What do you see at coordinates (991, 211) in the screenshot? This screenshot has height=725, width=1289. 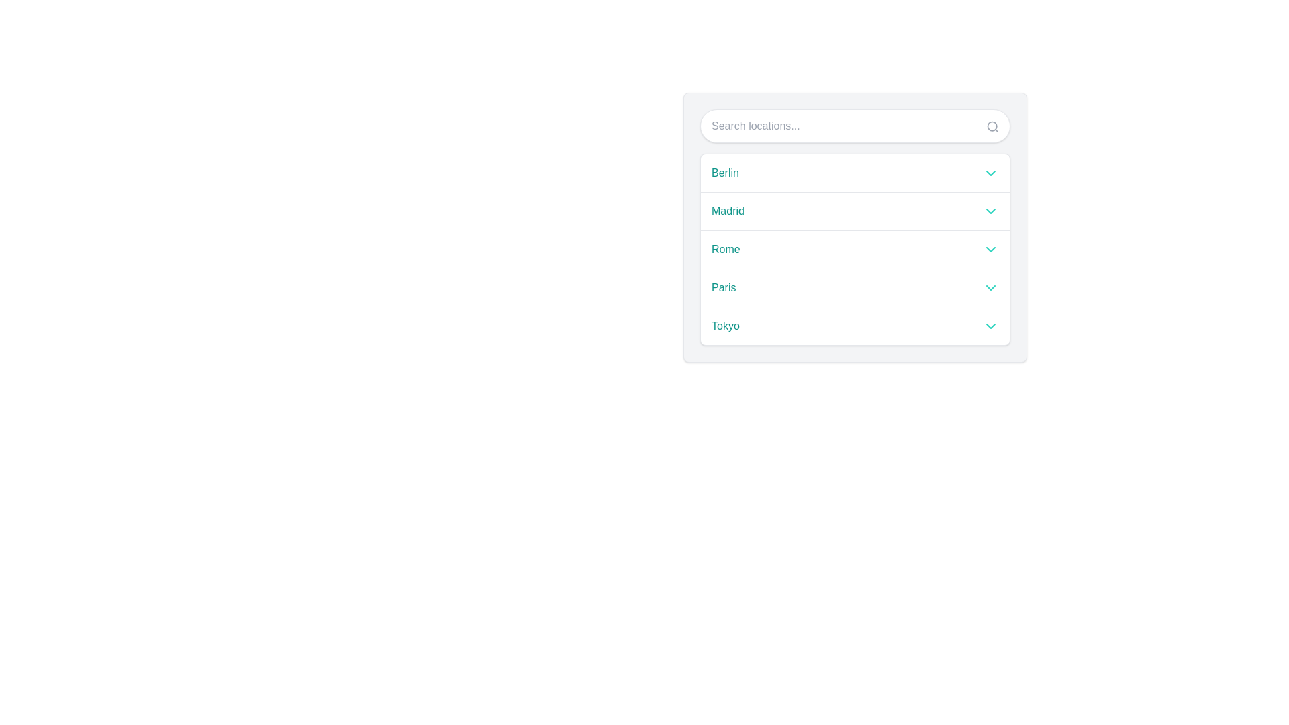 I see `the downward-pointing chevron icon styled in teal next to the 'Madrid' item` at bounding box center [991, 211].